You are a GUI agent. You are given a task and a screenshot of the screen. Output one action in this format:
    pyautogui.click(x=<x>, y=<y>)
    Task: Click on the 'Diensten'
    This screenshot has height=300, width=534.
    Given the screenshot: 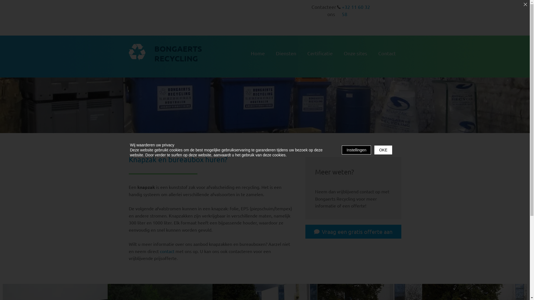 What is the action you would take?
    pyautogui.click(x=286, y=53)
    